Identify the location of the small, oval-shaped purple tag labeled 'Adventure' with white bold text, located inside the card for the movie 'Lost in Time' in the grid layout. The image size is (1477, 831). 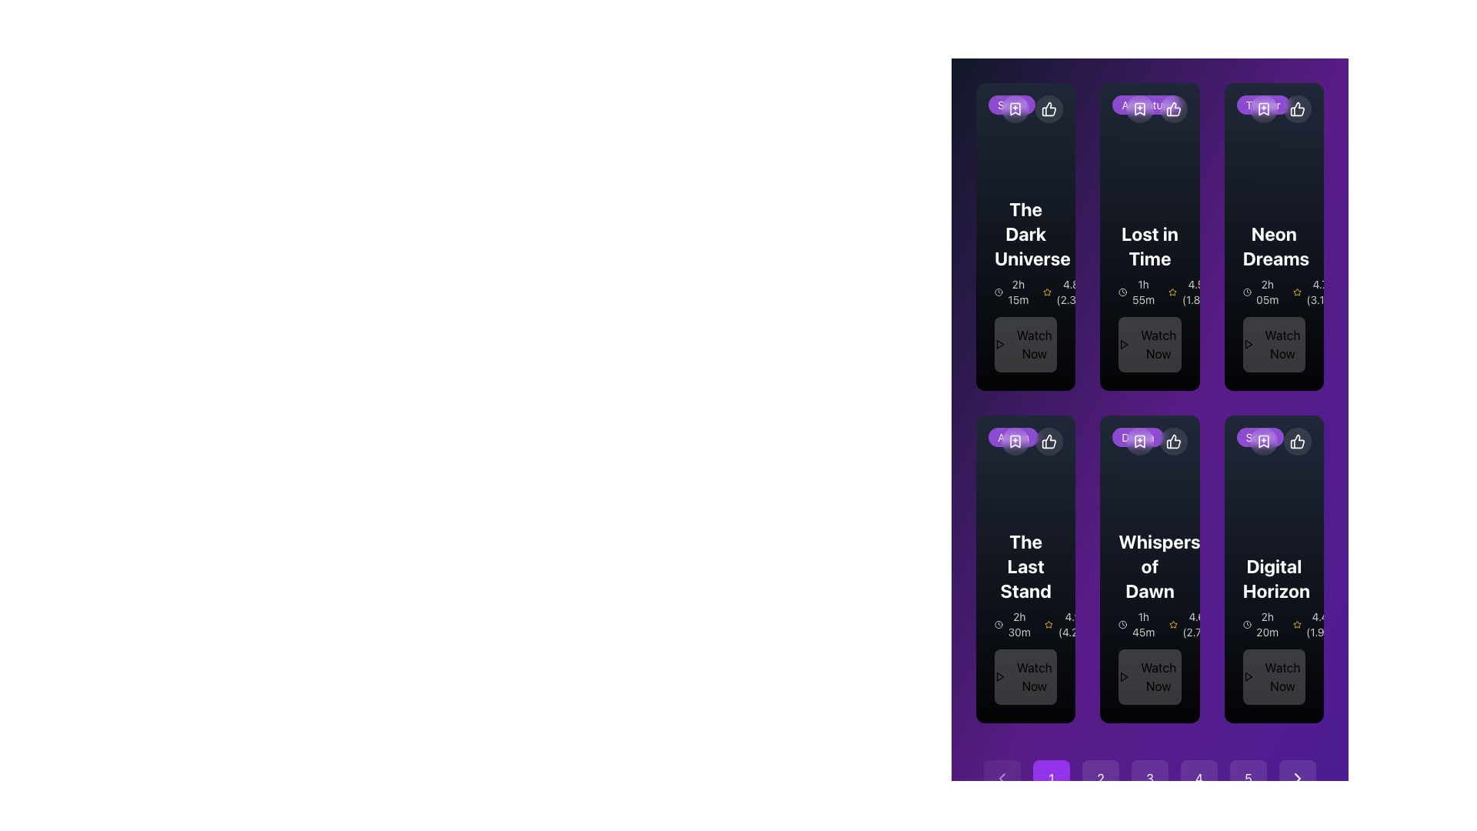
(1147, 104).